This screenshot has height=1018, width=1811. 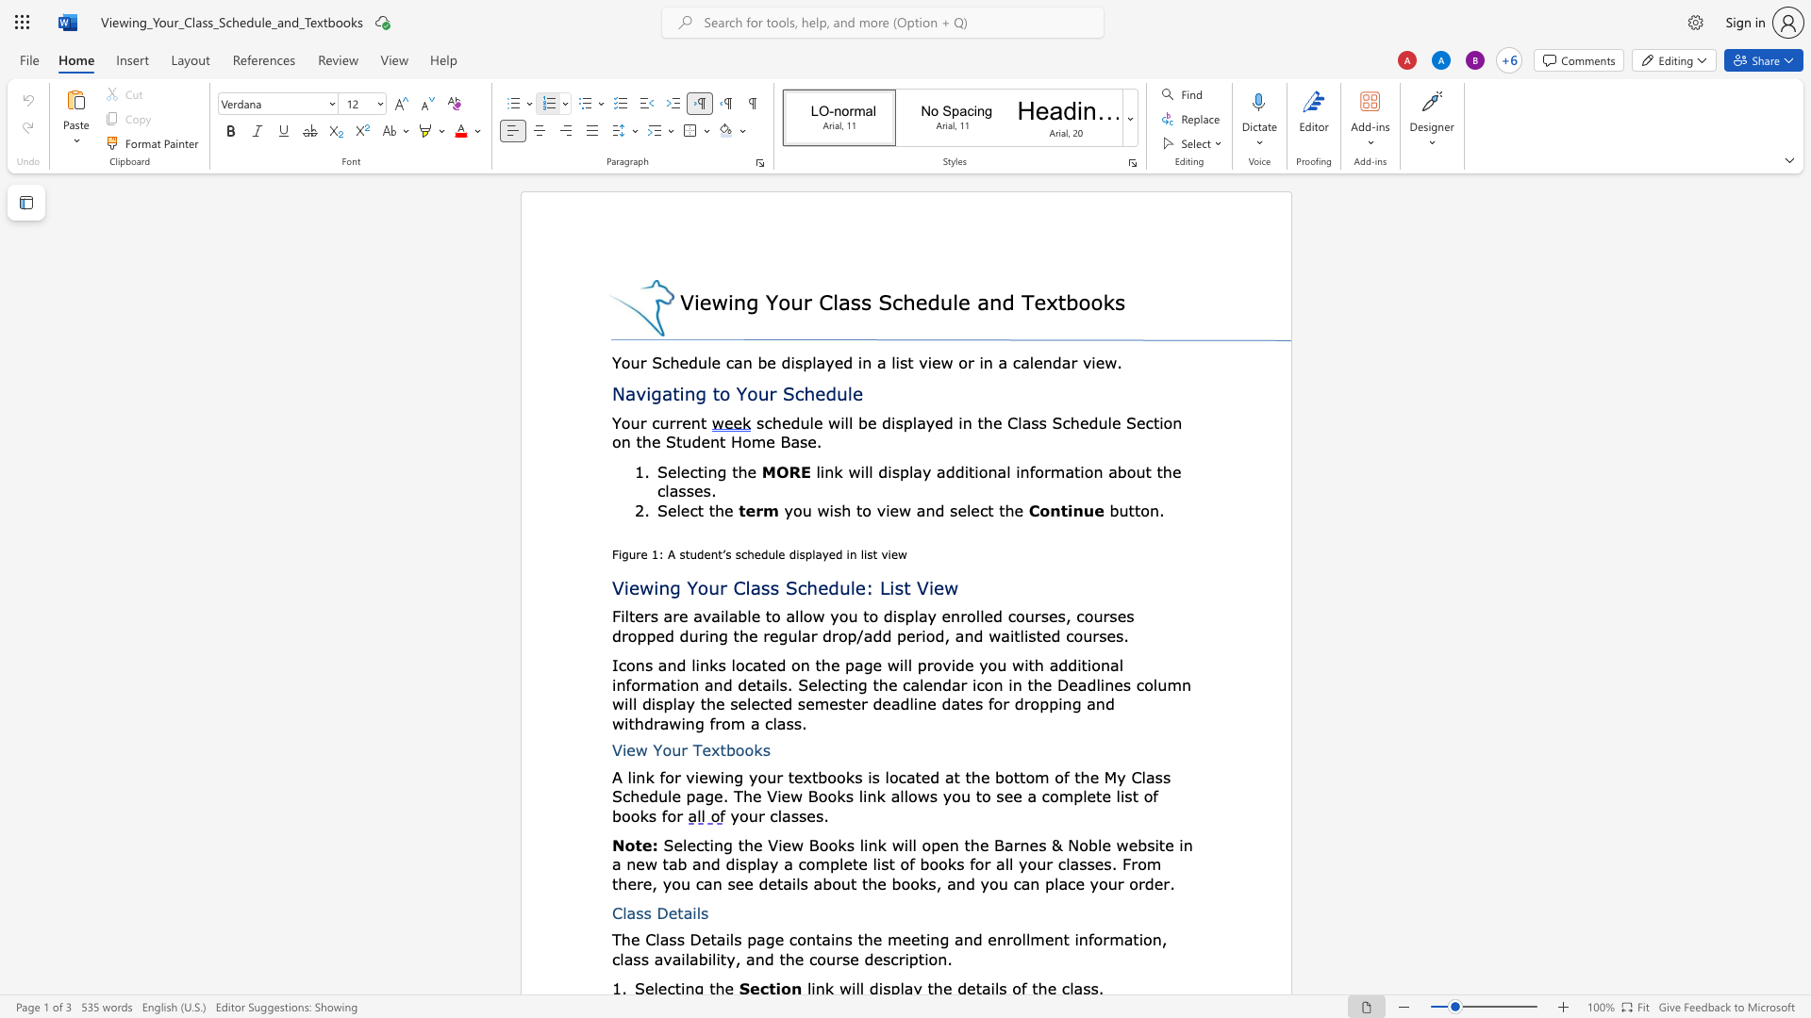 I want to click on the space between the continuous character "n" and "g" in the text, so click(x=694, y=392).